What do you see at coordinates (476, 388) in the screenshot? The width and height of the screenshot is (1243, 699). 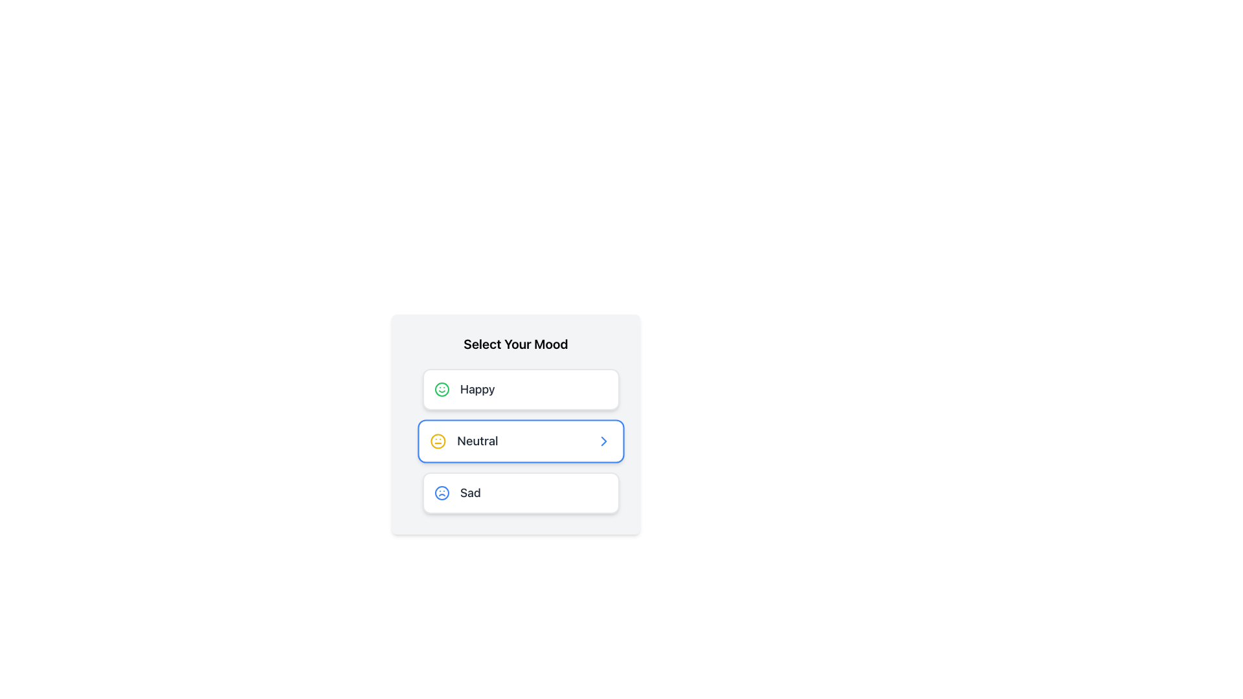 I see `the 'Happy' text label, which serves as a mood selection indicator, located to the right of a green smiley face icon in the mood selection UI` at bounding box center [476, 388].